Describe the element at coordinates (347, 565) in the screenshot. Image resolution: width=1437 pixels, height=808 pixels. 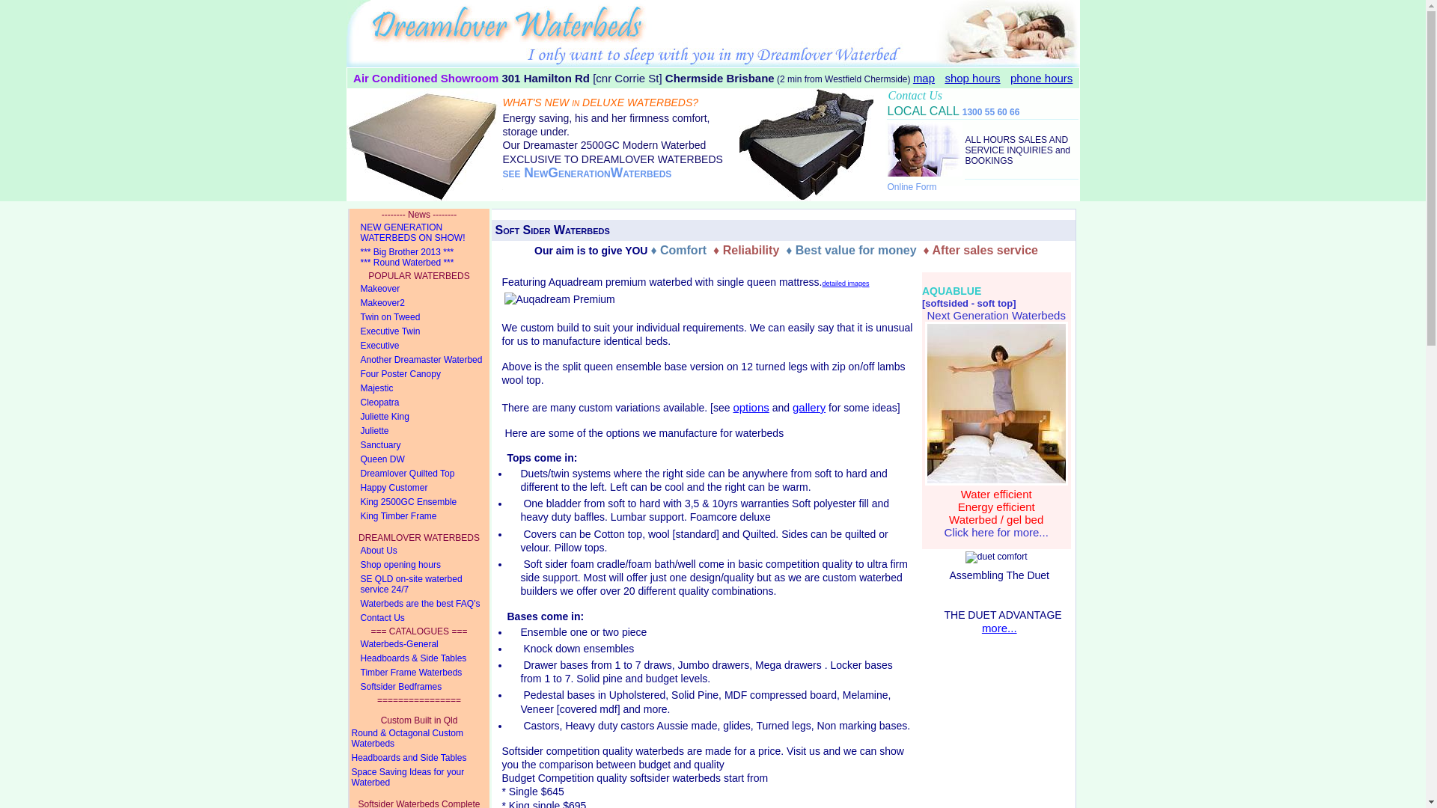
I see `'Shop opening hours'` at that location.